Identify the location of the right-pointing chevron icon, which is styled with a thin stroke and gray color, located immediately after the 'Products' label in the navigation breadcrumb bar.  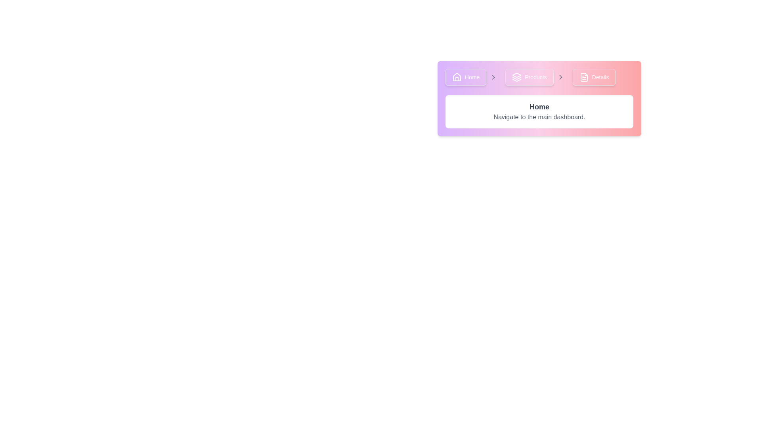
(560, 77).